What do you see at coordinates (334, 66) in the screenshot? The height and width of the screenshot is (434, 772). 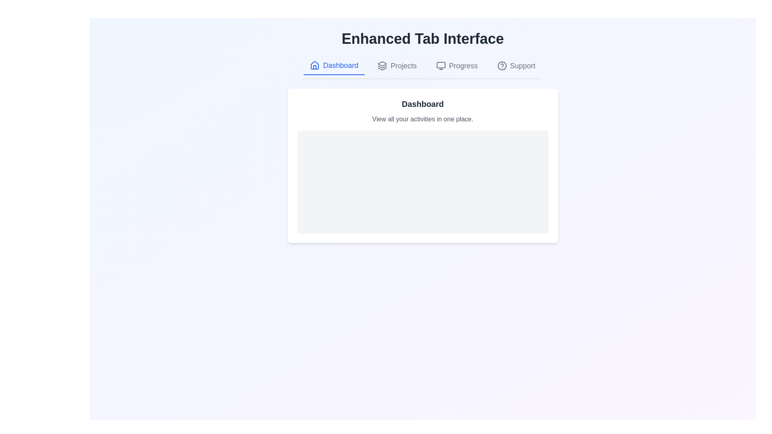 I see `the tab labeled Dashboard to display its content` at bounding box center [334, 66].